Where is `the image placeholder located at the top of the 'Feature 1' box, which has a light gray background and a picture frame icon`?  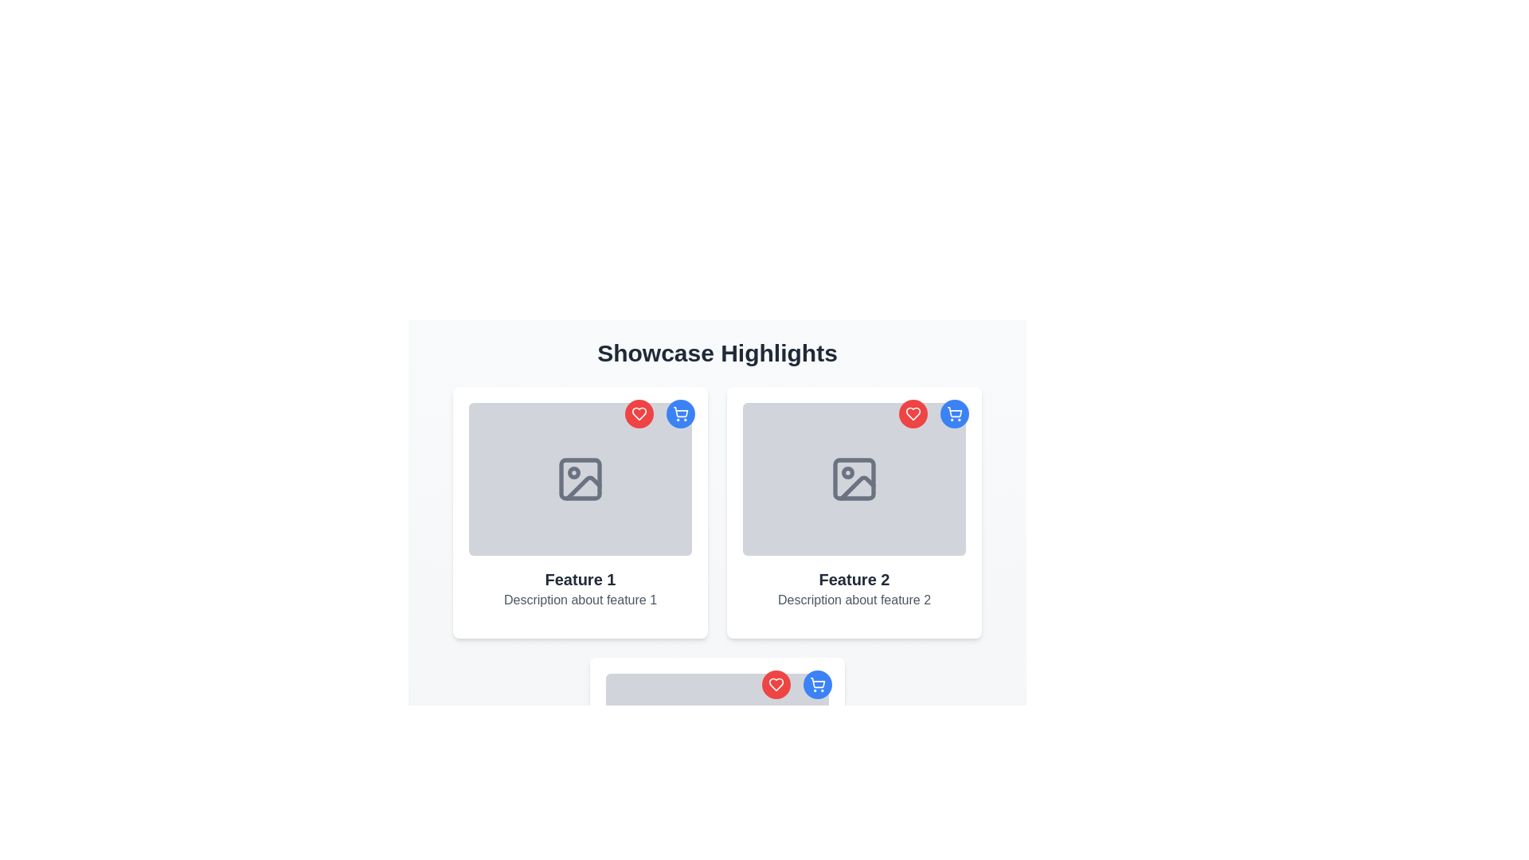 the image placeholder located at the top of the 'Feature 1' box, which has a light gray background and a picture frame icon is located at coordinates (580, 478).